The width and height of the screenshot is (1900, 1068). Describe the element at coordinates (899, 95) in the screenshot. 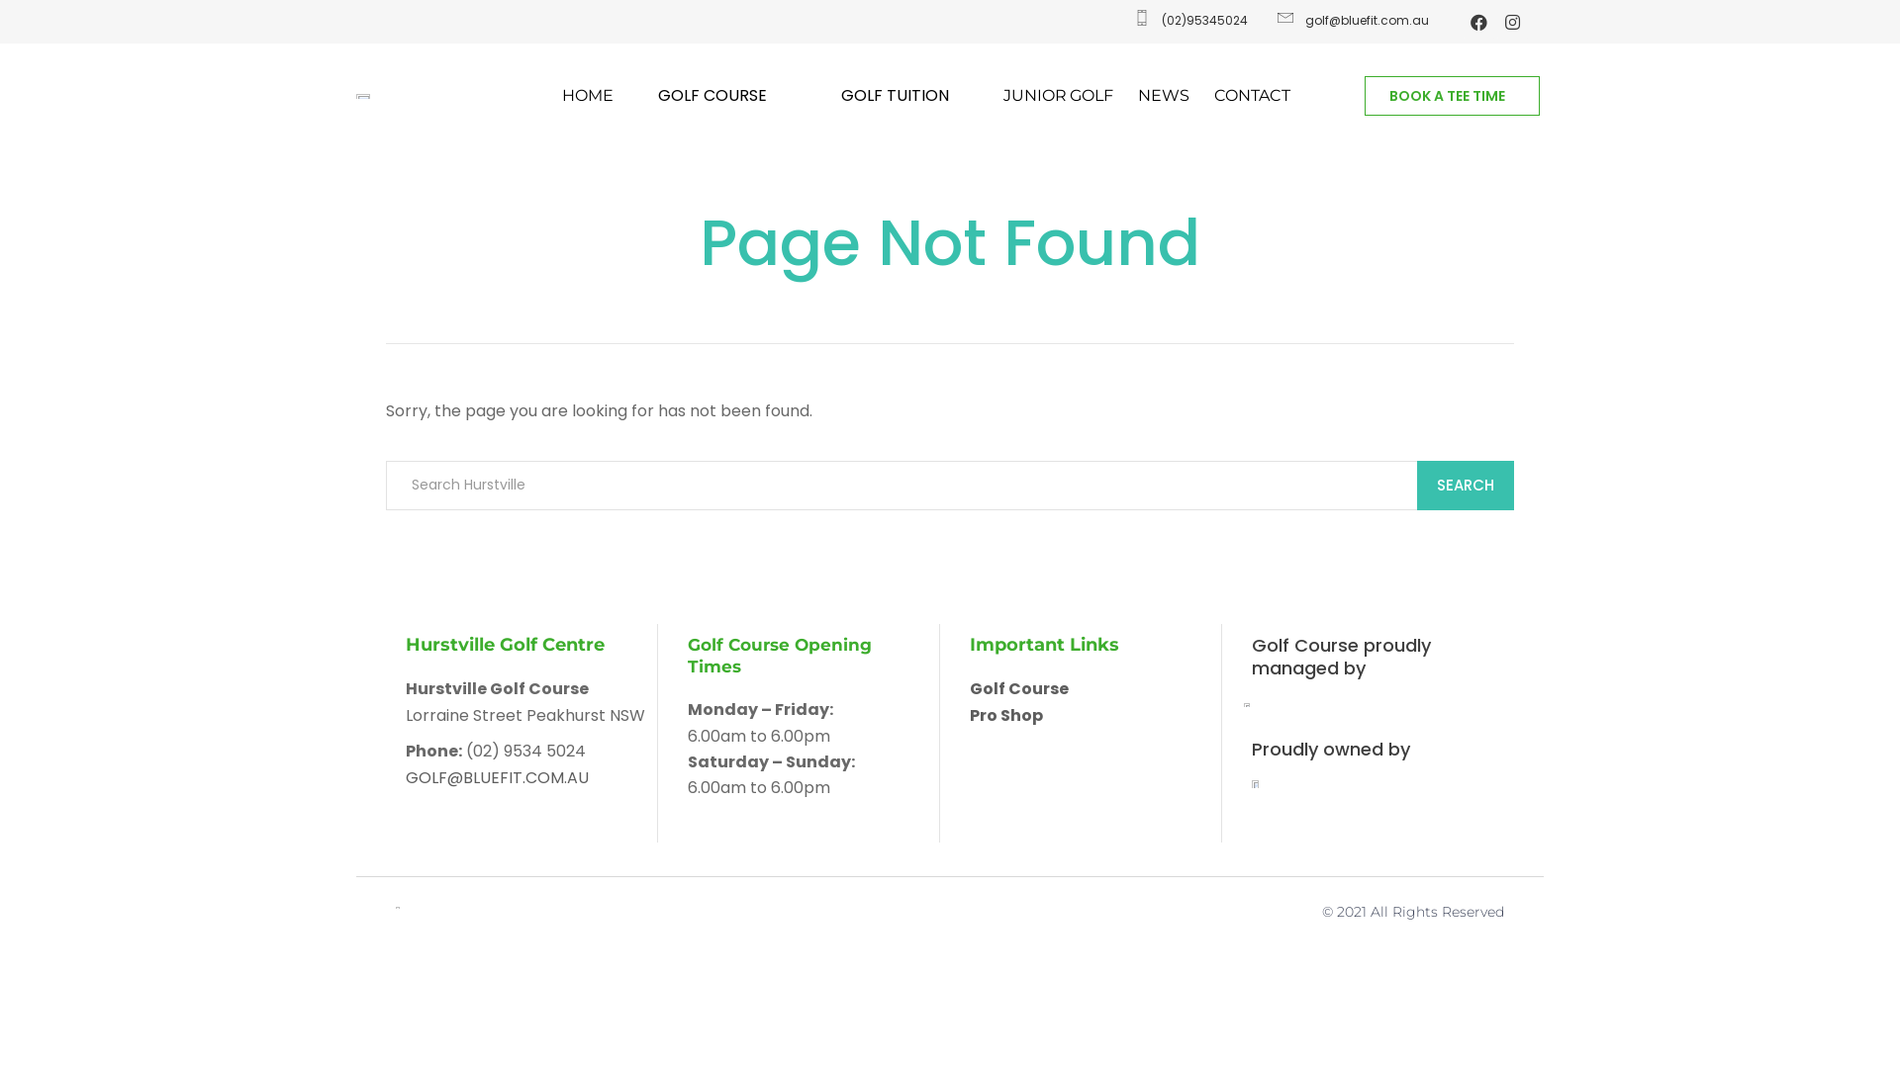

I see `'GOLF TUITION'` at that location.